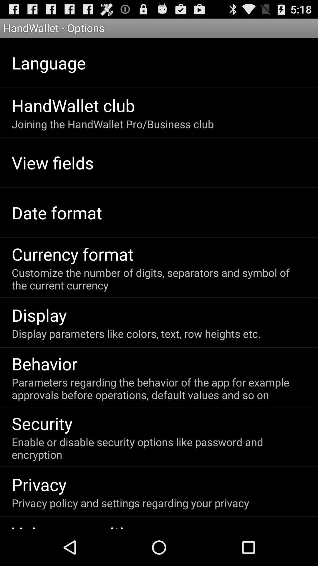  I want to click on date format icon, so click(57, 212).